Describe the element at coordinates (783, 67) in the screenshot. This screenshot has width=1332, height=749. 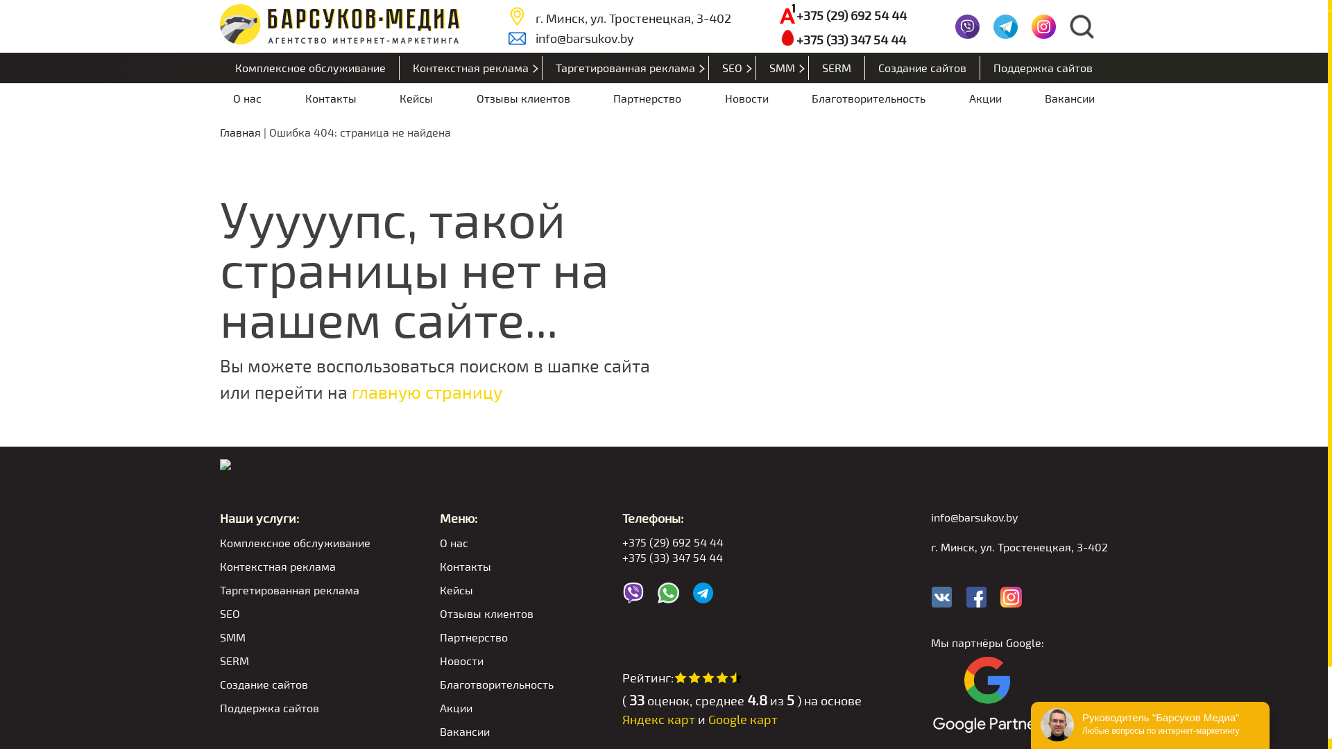
I see `'SMM'` at that location.